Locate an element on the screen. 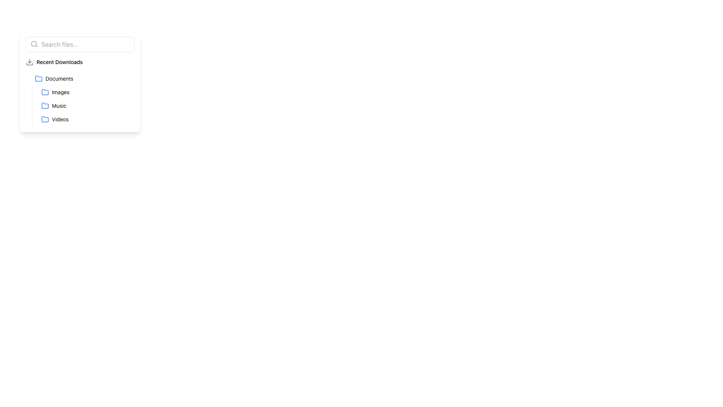 Image resolution: width=723 pixels, height=407 pixels. the 'Music' folder icon located in the 'Recent Downloads' section is located at coordinates (45, 106).